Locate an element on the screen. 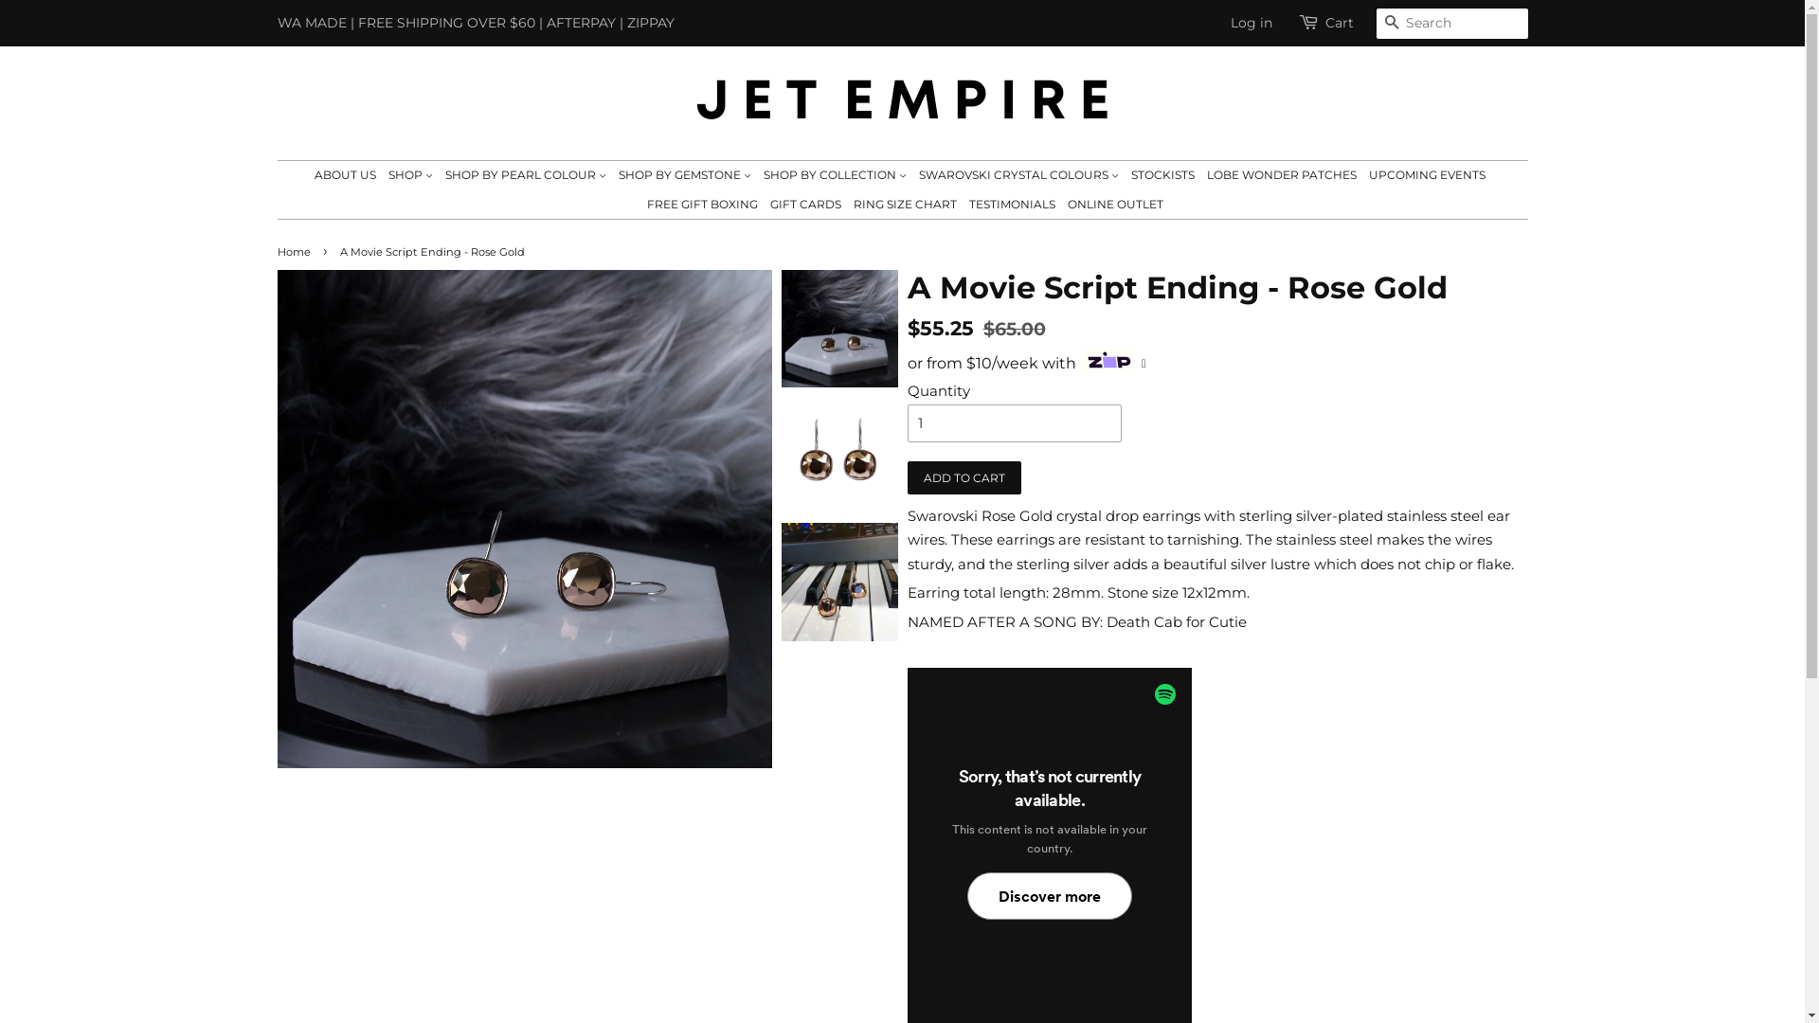  'Log in' is located at coordinates (1251, 22).